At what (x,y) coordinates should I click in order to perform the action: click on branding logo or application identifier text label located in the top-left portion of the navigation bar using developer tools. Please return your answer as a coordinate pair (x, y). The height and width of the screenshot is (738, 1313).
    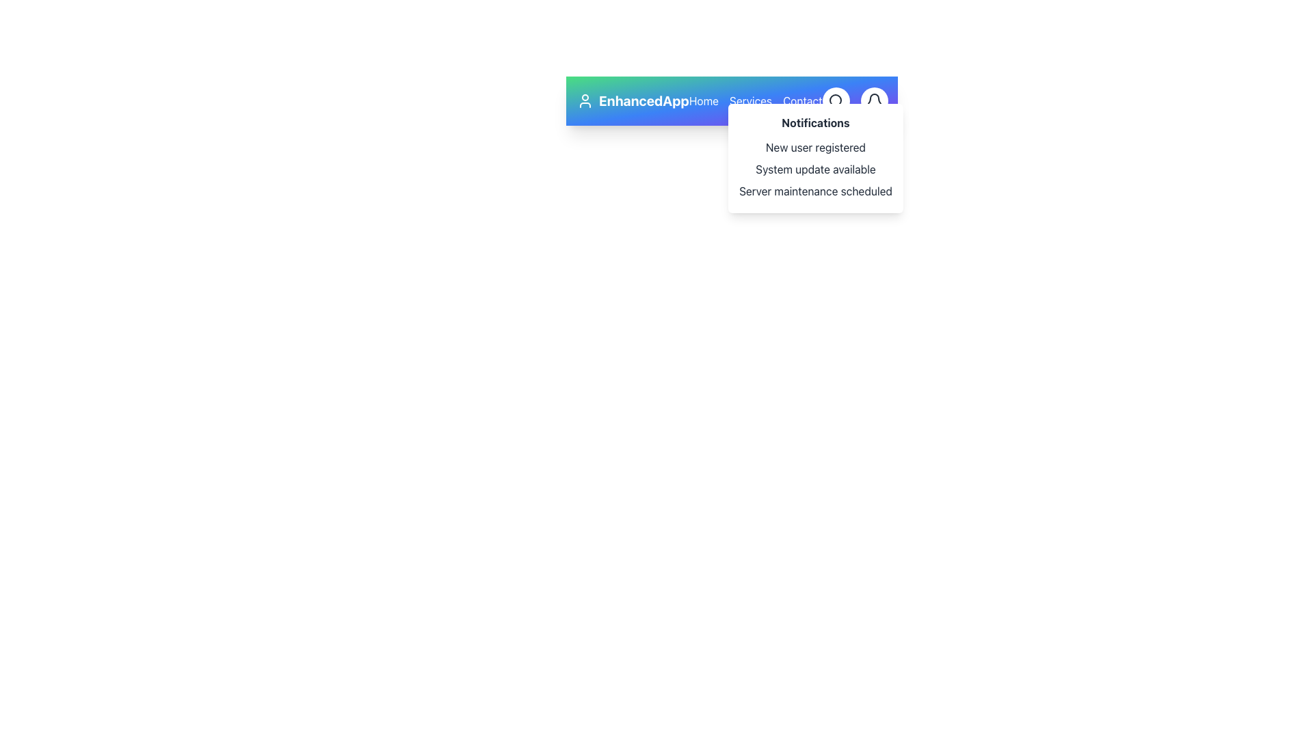
    Looking at the image, I should click on (632, 100).